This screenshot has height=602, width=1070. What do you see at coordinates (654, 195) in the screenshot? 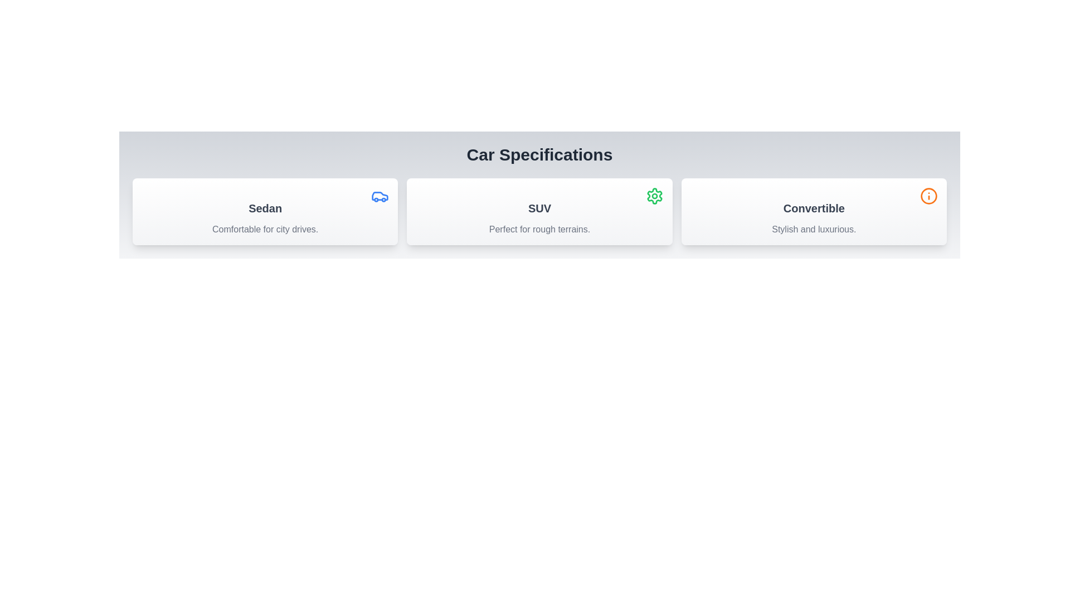
I see `the settings icon located within the central 'SUV' card, which represents configuration options` at bounding box center [654, 195].